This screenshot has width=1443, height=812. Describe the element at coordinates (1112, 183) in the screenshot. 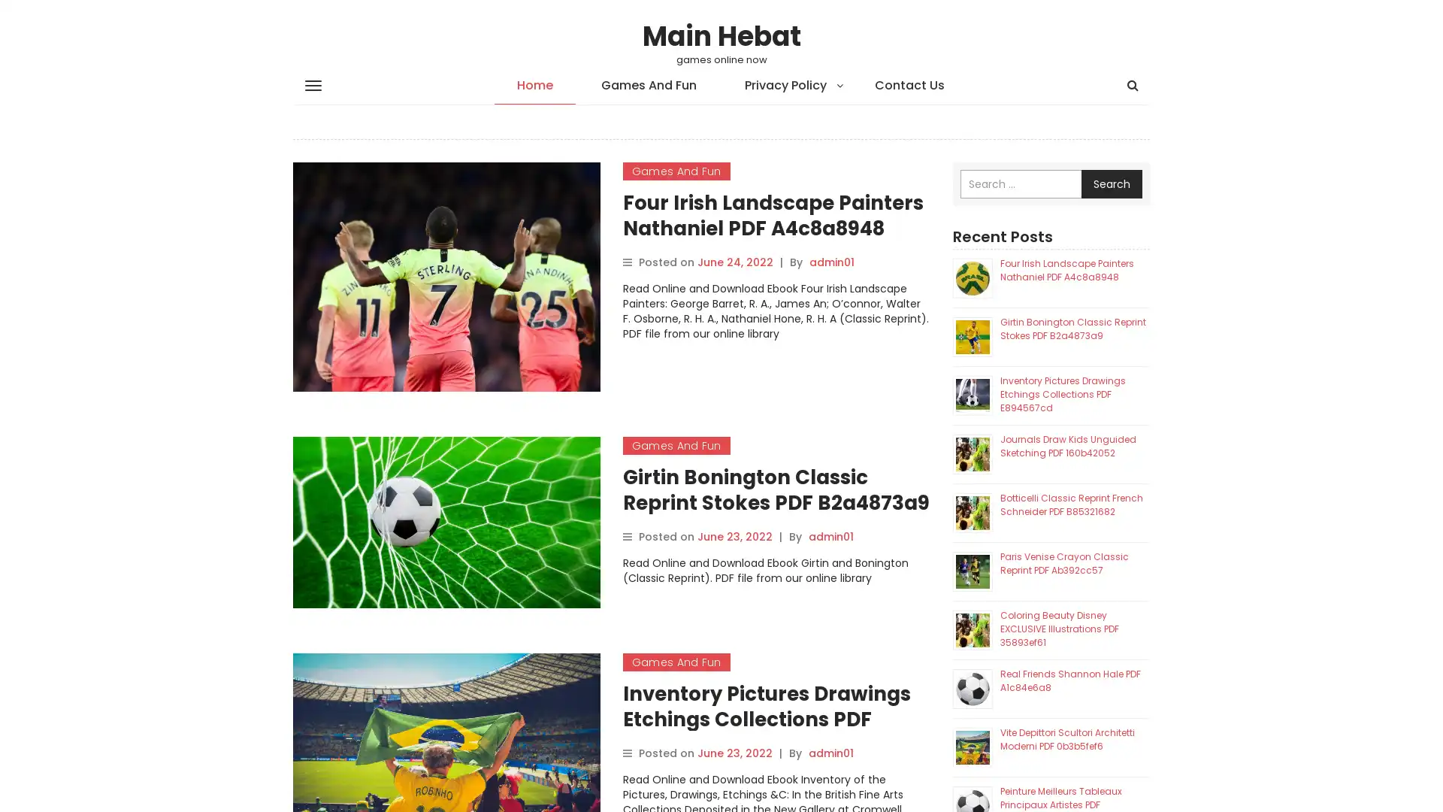

I see `Search` at that location.